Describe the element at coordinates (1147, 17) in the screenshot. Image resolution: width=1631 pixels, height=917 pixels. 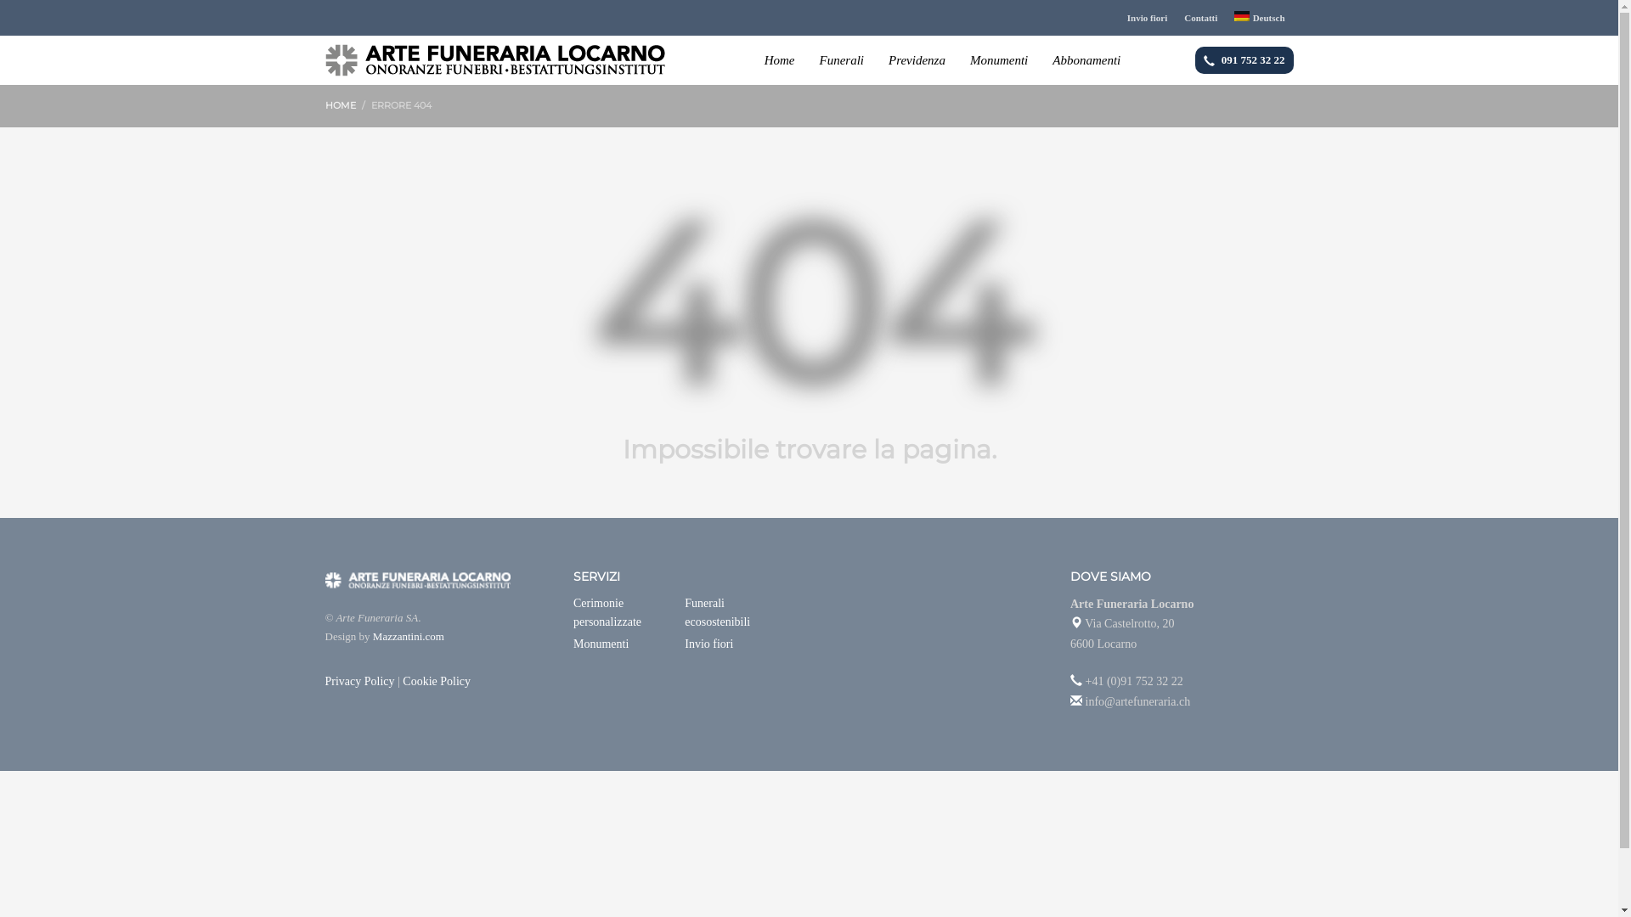
I see `'Invio fiori'` at that location.